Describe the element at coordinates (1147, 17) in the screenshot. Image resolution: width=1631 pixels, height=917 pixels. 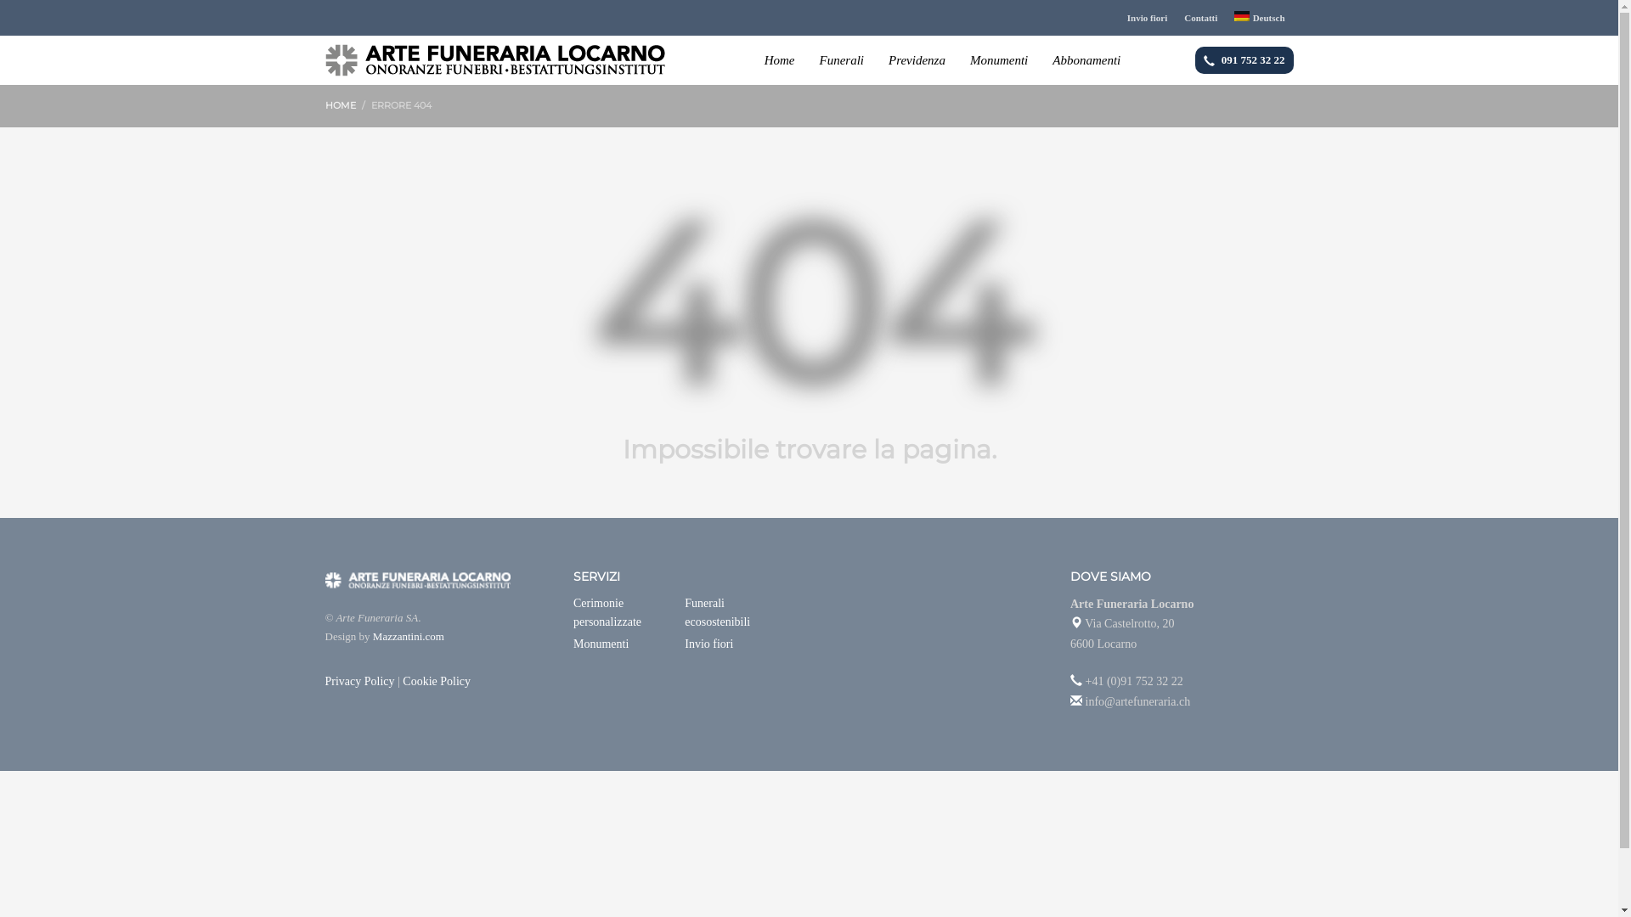
I see `'Invio fiori'` at that location.